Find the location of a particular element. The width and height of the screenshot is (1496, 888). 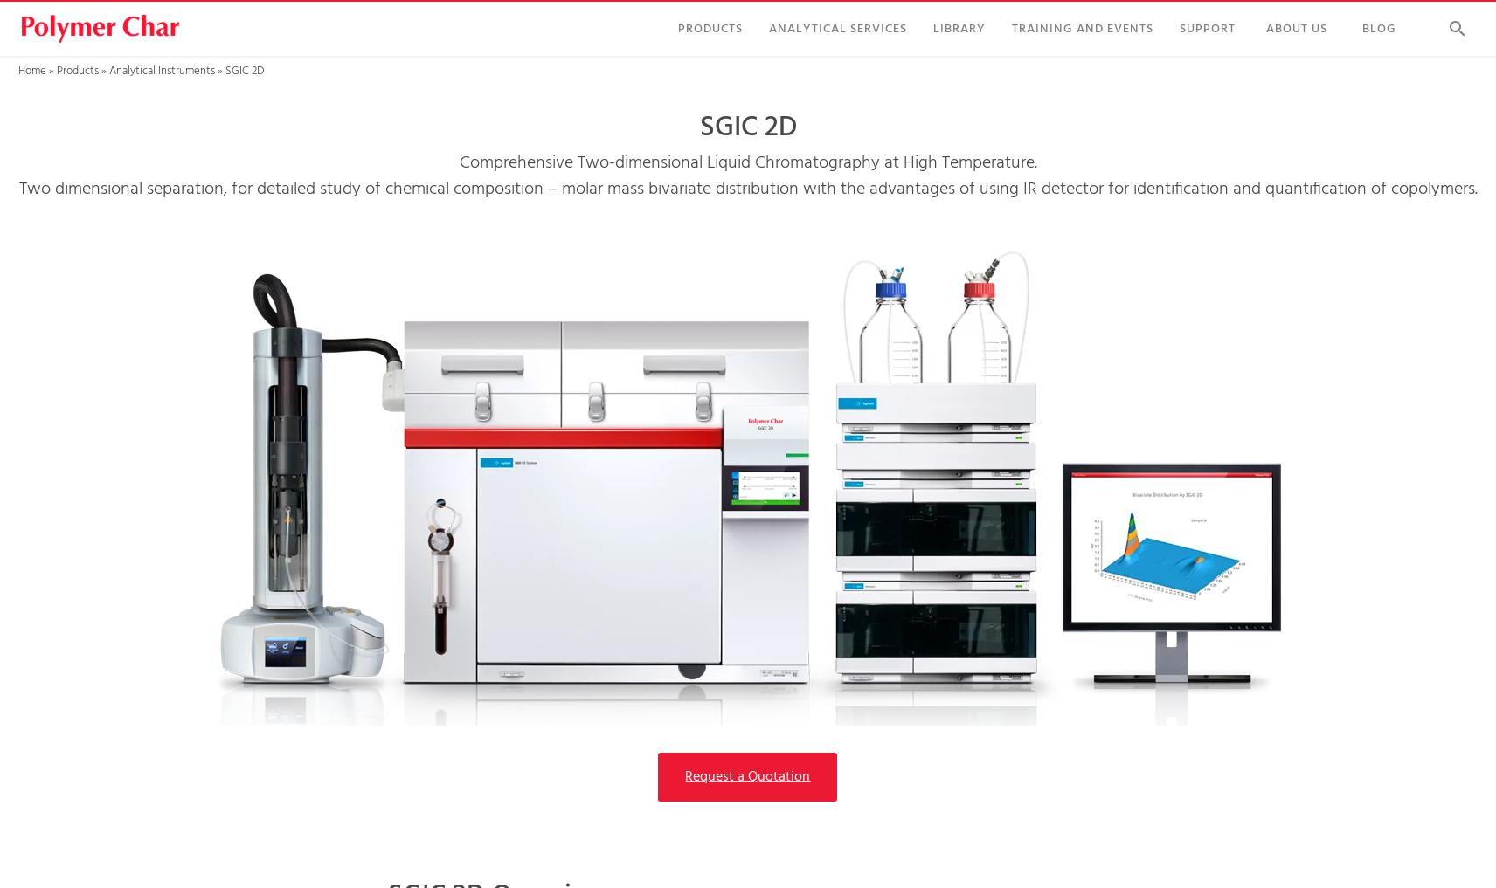

'Analytical Services' is located at coordinates (837, 27).